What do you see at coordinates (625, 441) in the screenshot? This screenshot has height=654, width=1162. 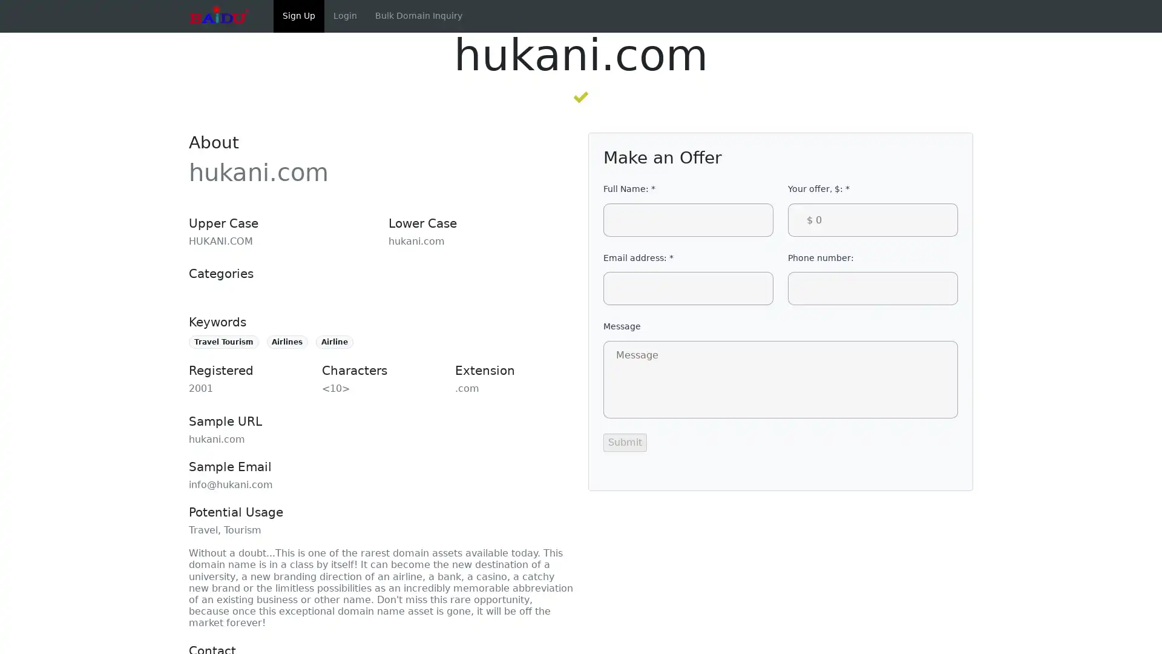 I see `Submit` at bounding box center [625, 441].